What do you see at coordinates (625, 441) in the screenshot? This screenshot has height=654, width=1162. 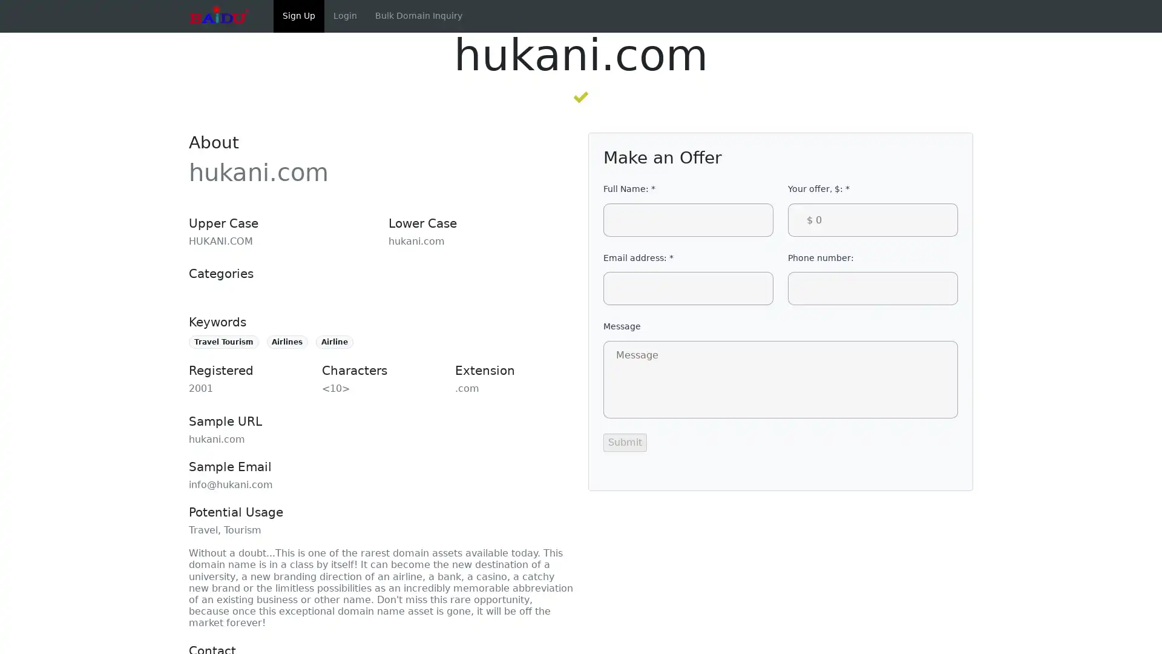 I see `Submit` at bounding box center [625, 441].